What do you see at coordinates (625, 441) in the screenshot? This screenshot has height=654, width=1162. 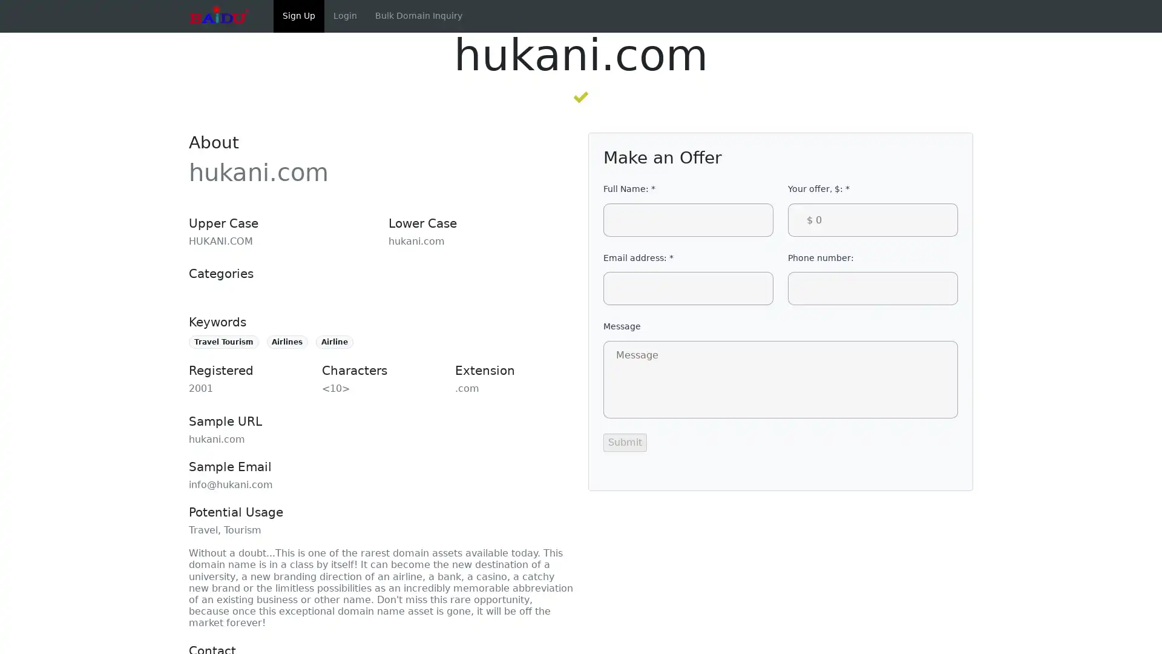 I see `Submit` at bounding box center [625, 441].